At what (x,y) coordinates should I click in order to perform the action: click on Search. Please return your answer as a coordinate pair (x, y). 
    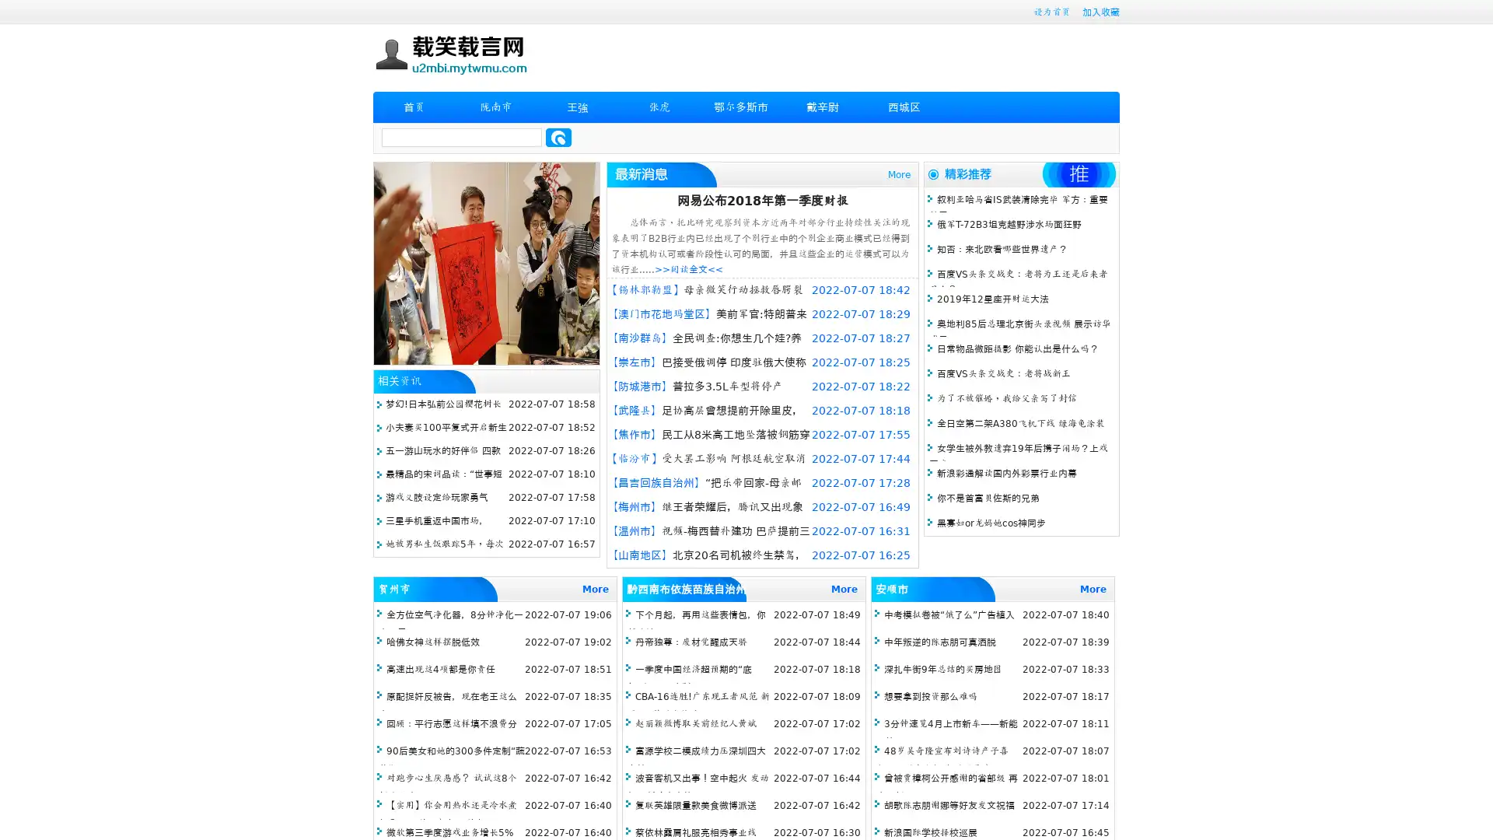
    Looking at the image, I should click on (558, 137).